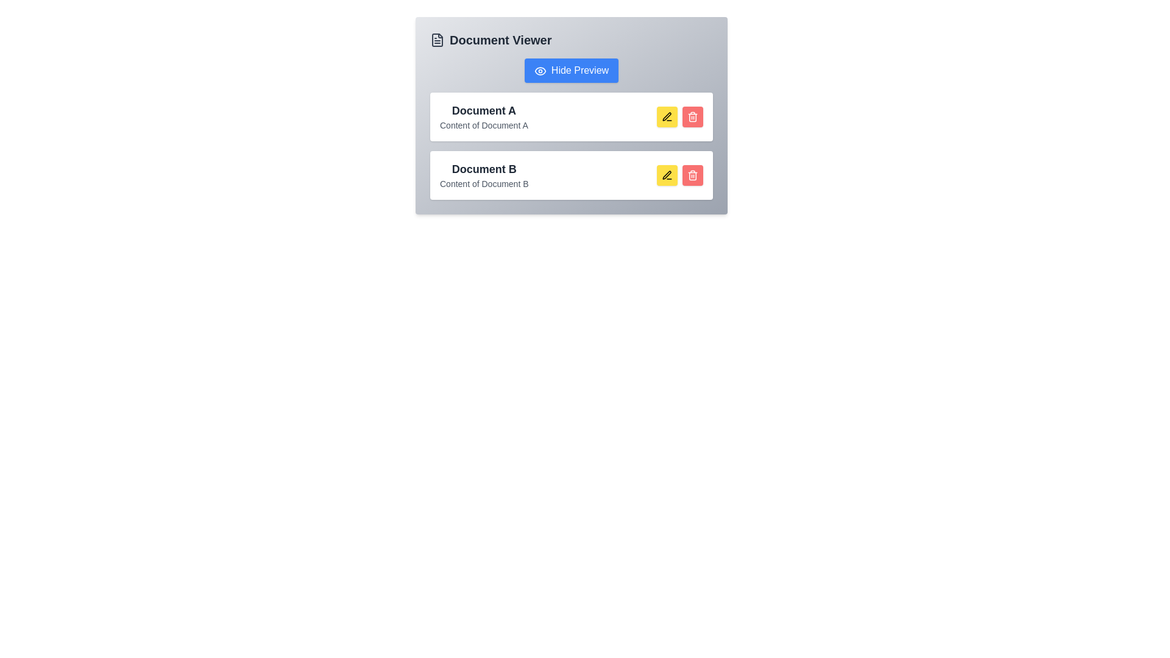 The width and height of the screenshot is (1170, 658). What do you see at coordinates (693, 117) in the screenshot?
I see `the trash can icon button with a red background located on the right side of the 'Document A' row` at bounding box center [693, 117].